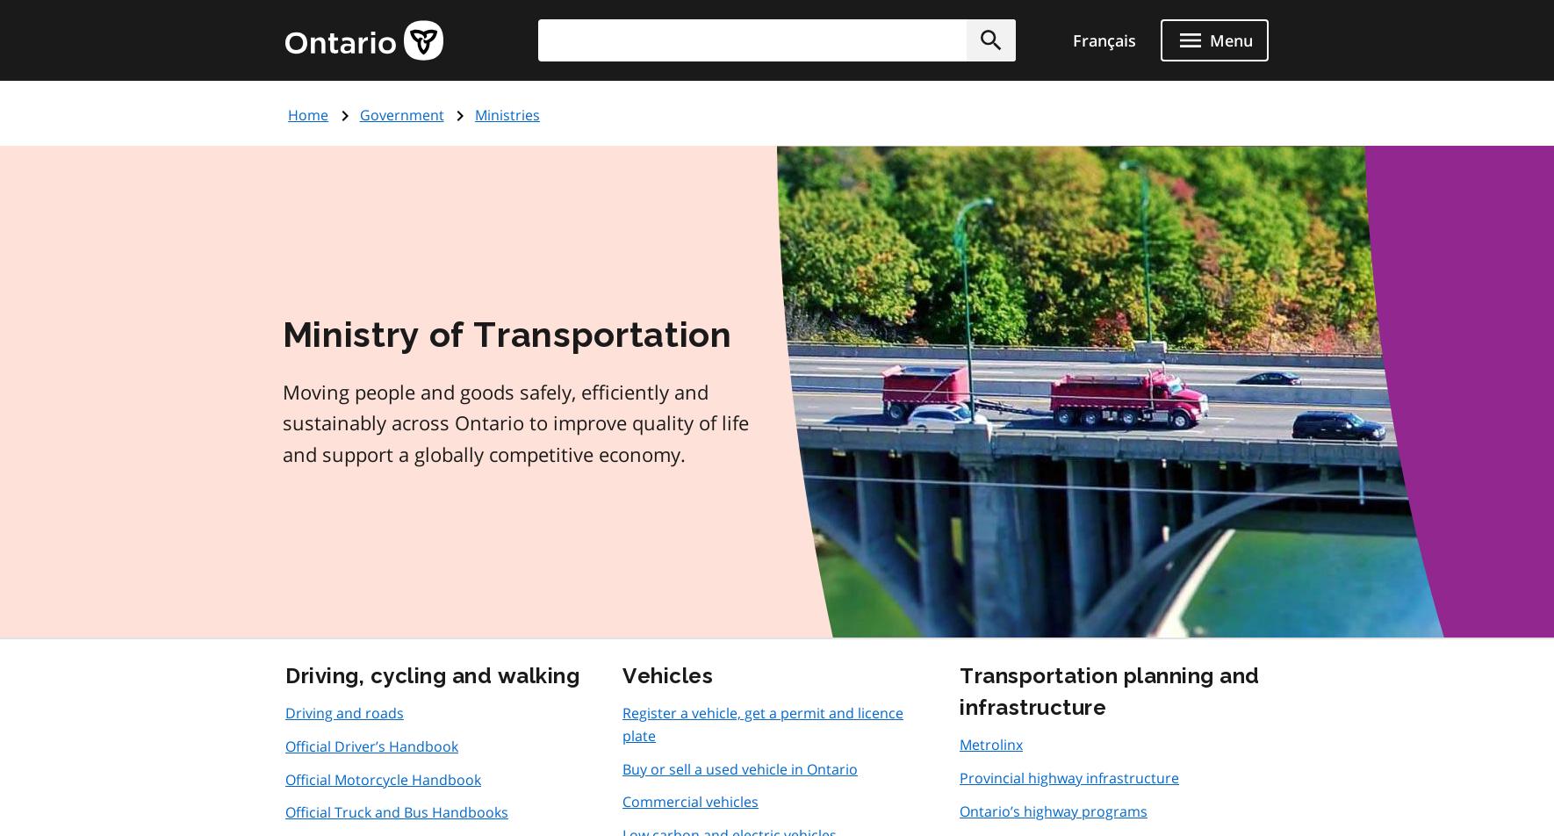  What do you see at coordinates (401, 114) in the screenshot?
I see `'Government'` at bounding box center [401, 114].